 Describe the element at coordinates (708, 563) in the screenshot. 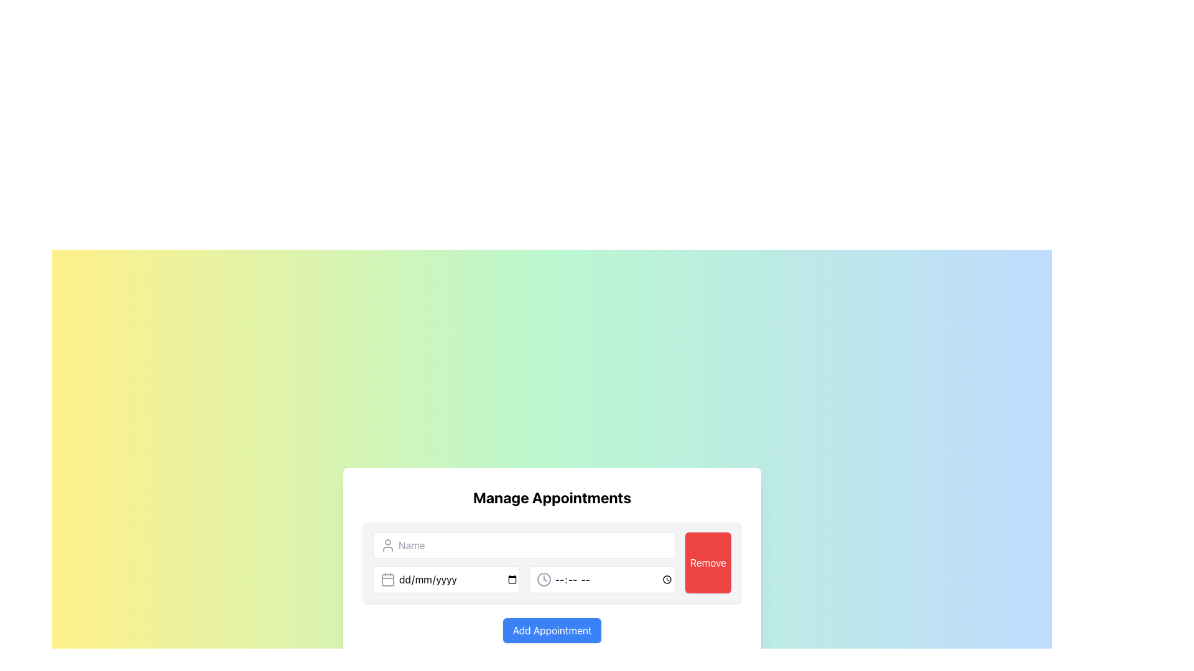

I see `the red button labeled 'Remove'` at that location.